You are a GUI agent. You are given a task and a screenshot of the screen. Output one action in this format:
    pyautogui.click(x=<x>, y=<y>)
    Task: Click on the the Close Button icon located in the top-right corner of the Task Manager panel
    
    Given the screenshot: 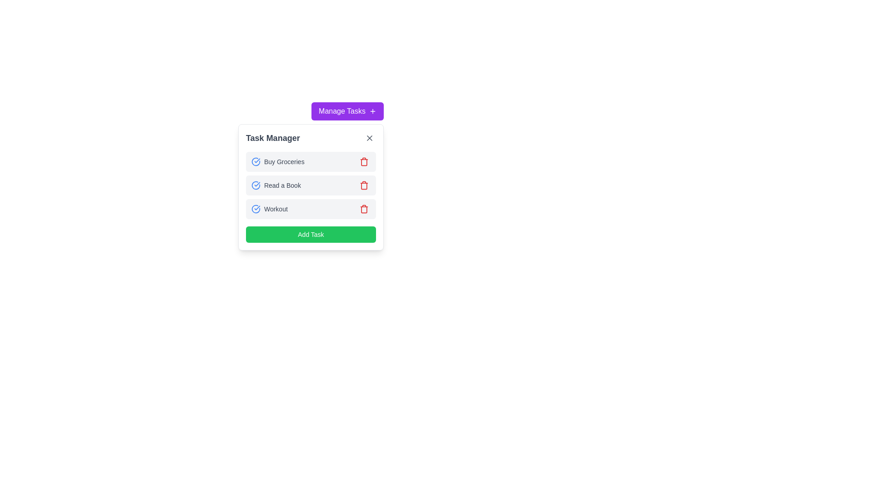 What is the action you would take?
    pyautogui.click(x=369, y=138)
    